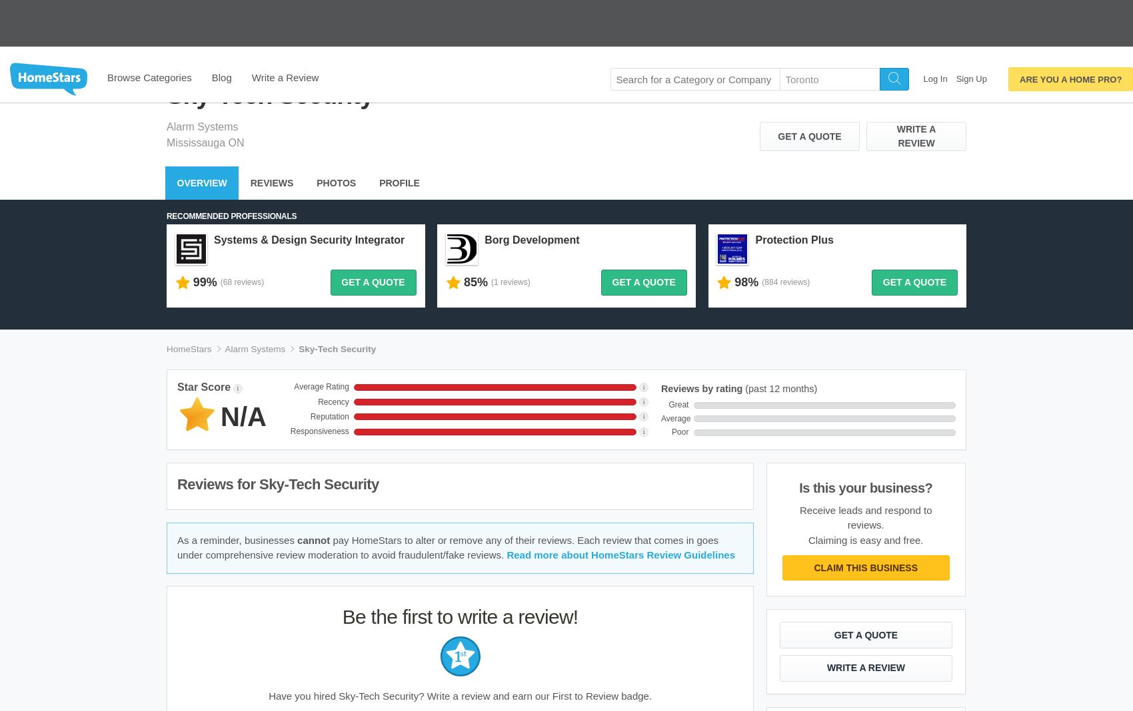 This screenshot has width=1133, height=711. What do you see at coordinates (205, 86) in the screenshot?
I see `'Mississauga ON'` at bounding box center [205, 86].